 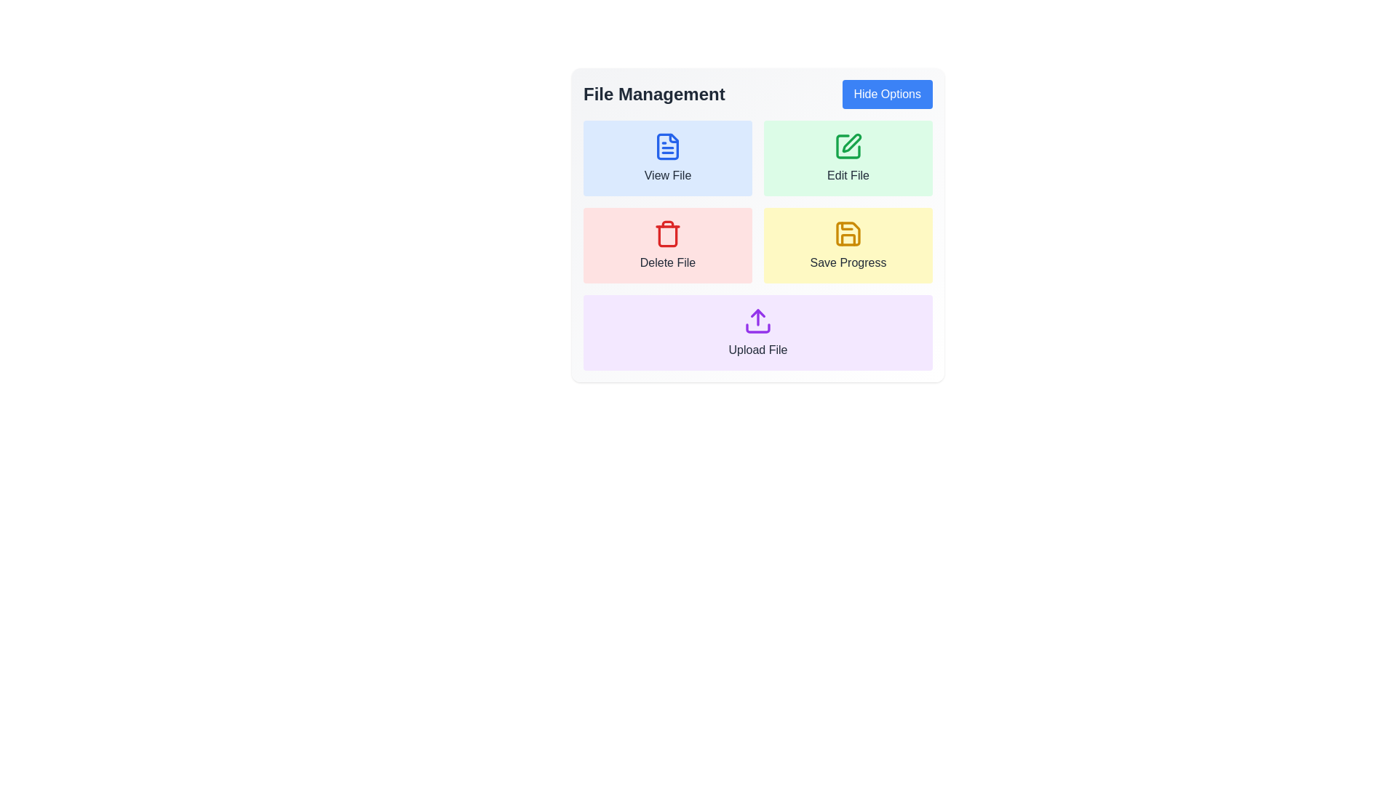 I want to click on the 'Save Progress' icon located within the button in the lower-right corner of the main interface, so click(x=848, y=233).